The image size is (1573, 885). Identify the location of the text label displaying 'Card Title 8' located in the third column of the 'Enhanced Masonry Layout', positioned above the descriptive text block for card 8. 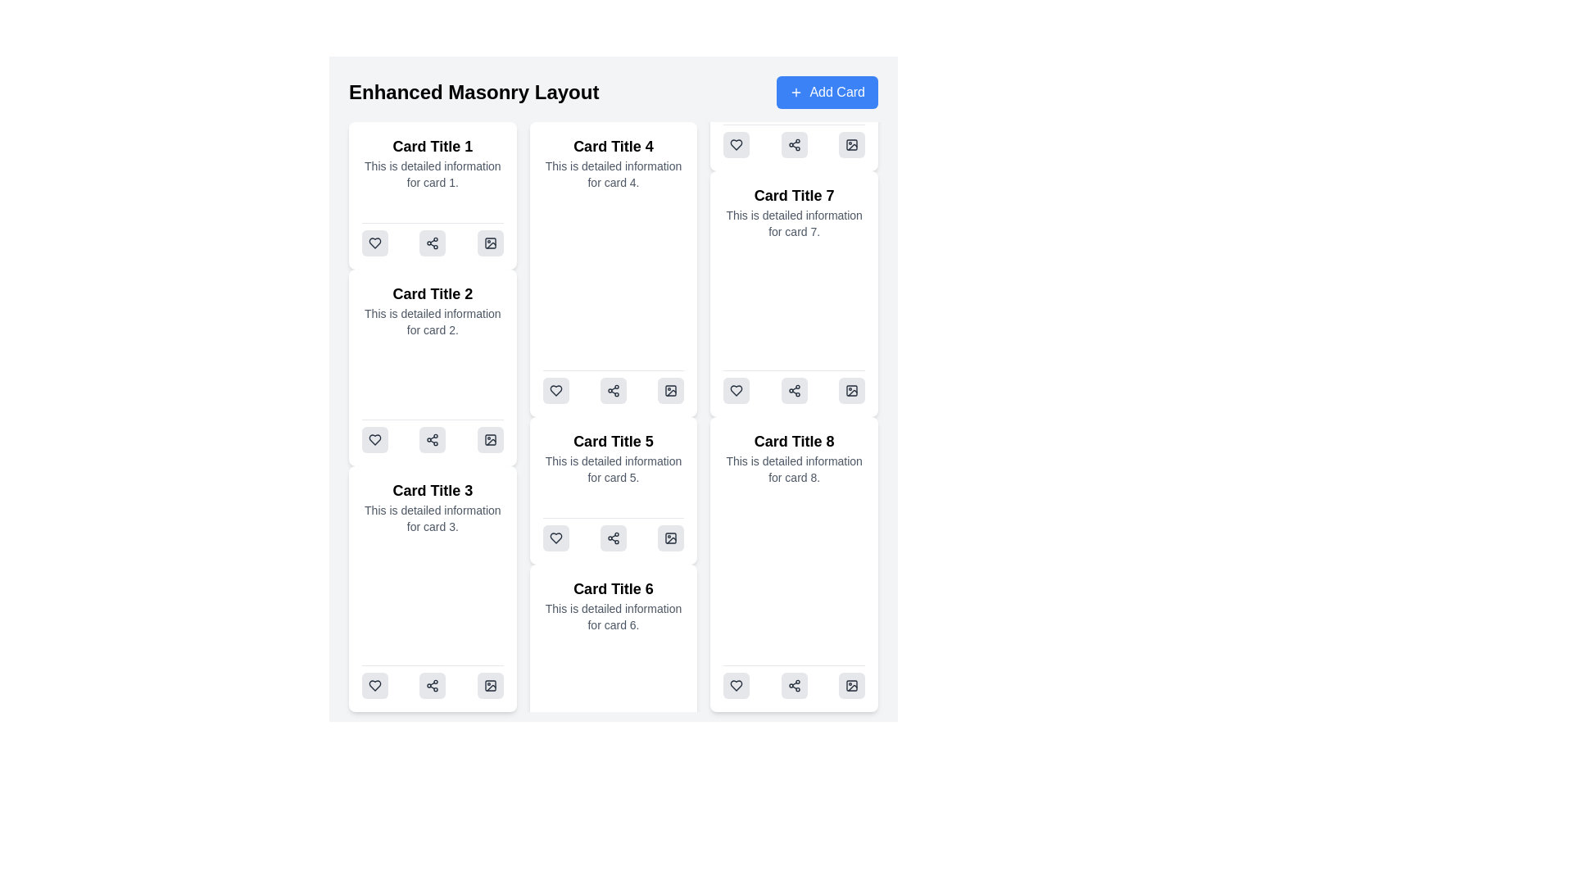
(794, 441).